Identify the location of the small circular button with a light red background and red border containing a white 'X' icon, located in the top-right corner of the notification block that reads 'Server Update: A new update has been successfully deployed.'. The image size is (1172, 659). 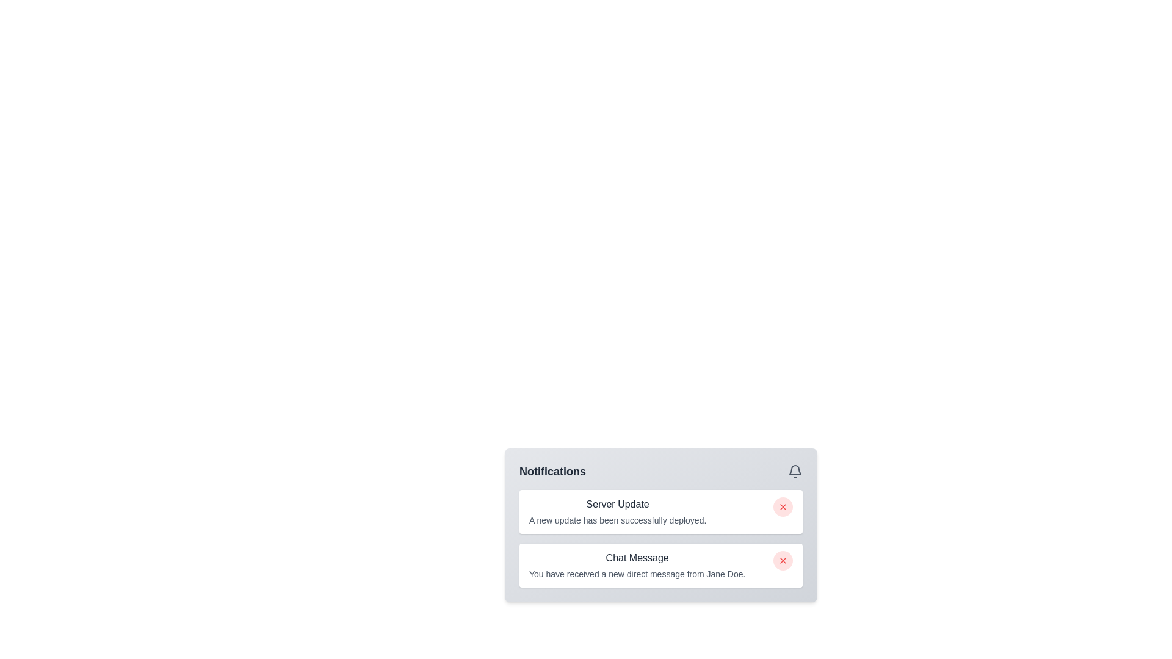
(783, 506).